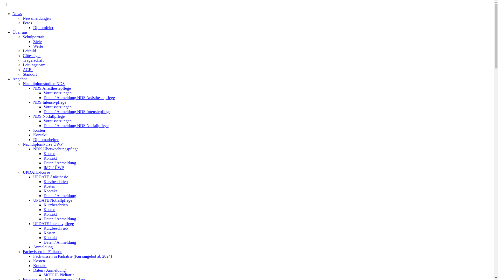  Describe the element at coordinates (17, 13) in the screenshot. I see `'News'` at that location.